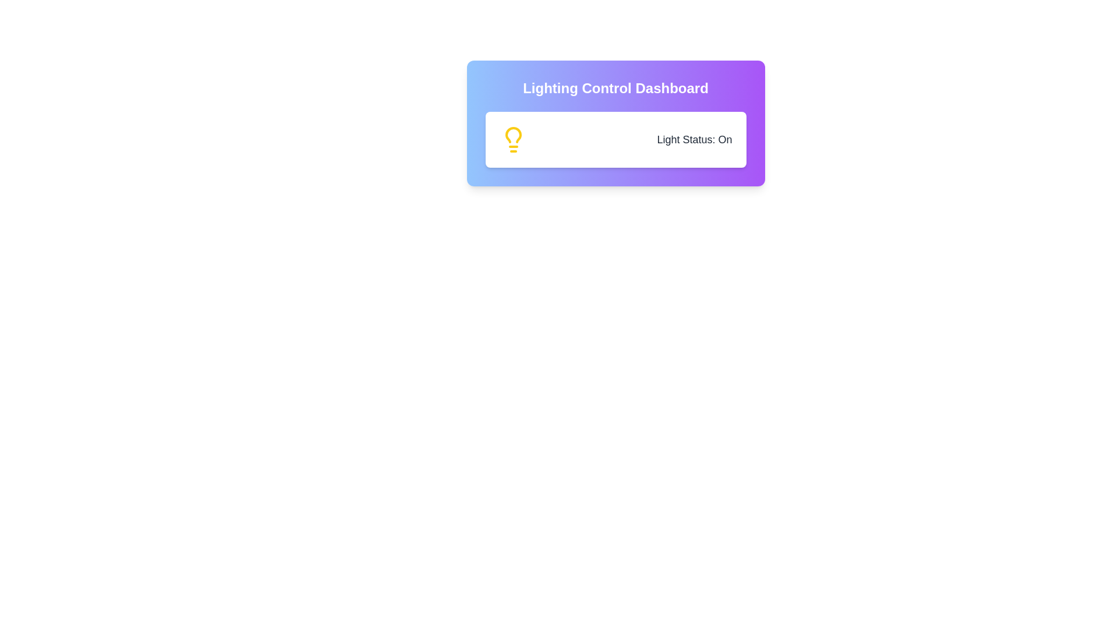 This screenshot has height=629, width=1118. Describe the element at coordinates (512, 139) in the screenshot. I see `the lightbulb icon to toggle the light status` at that location.